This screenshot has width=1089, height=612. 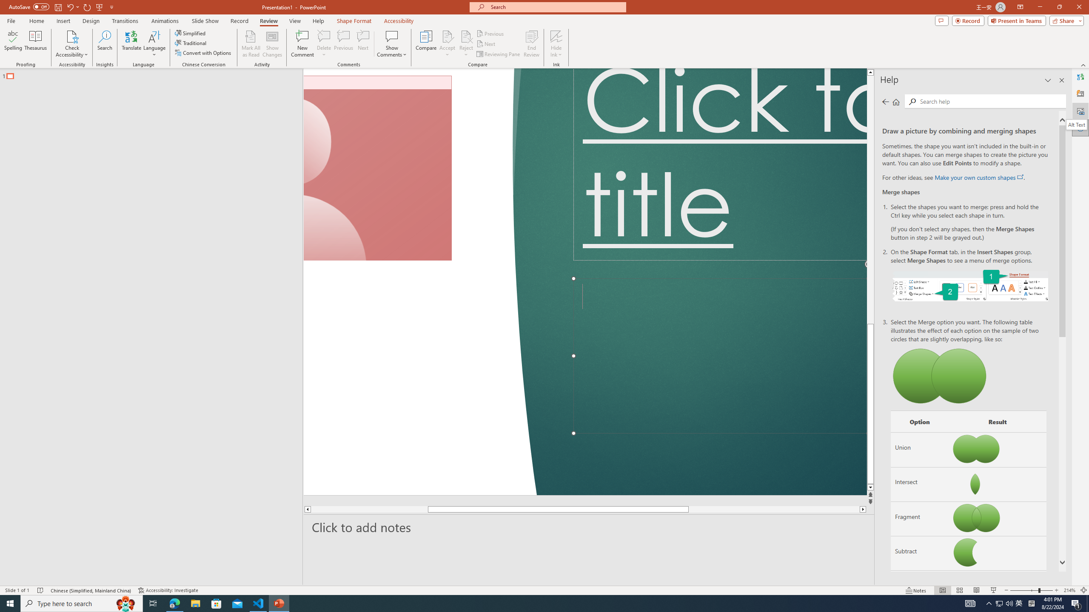 I want to click on 'Spelling...', so click(x=12, y=44).